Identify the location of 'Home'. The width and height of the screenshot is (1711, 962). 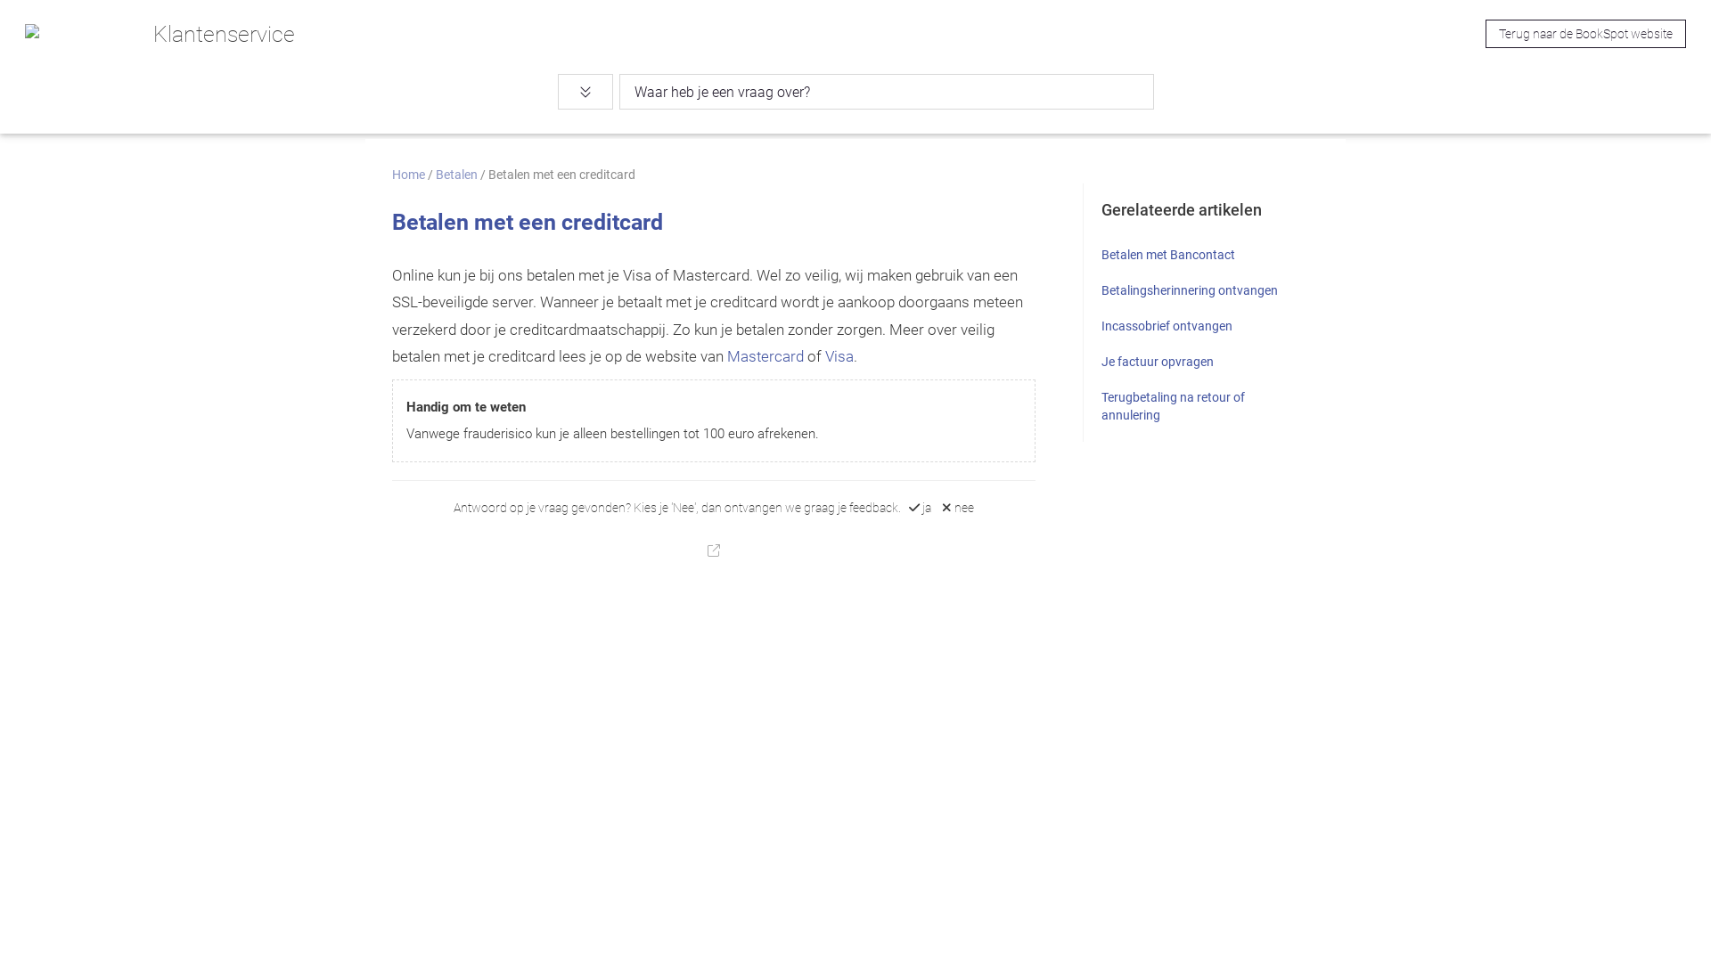
(407, 175).